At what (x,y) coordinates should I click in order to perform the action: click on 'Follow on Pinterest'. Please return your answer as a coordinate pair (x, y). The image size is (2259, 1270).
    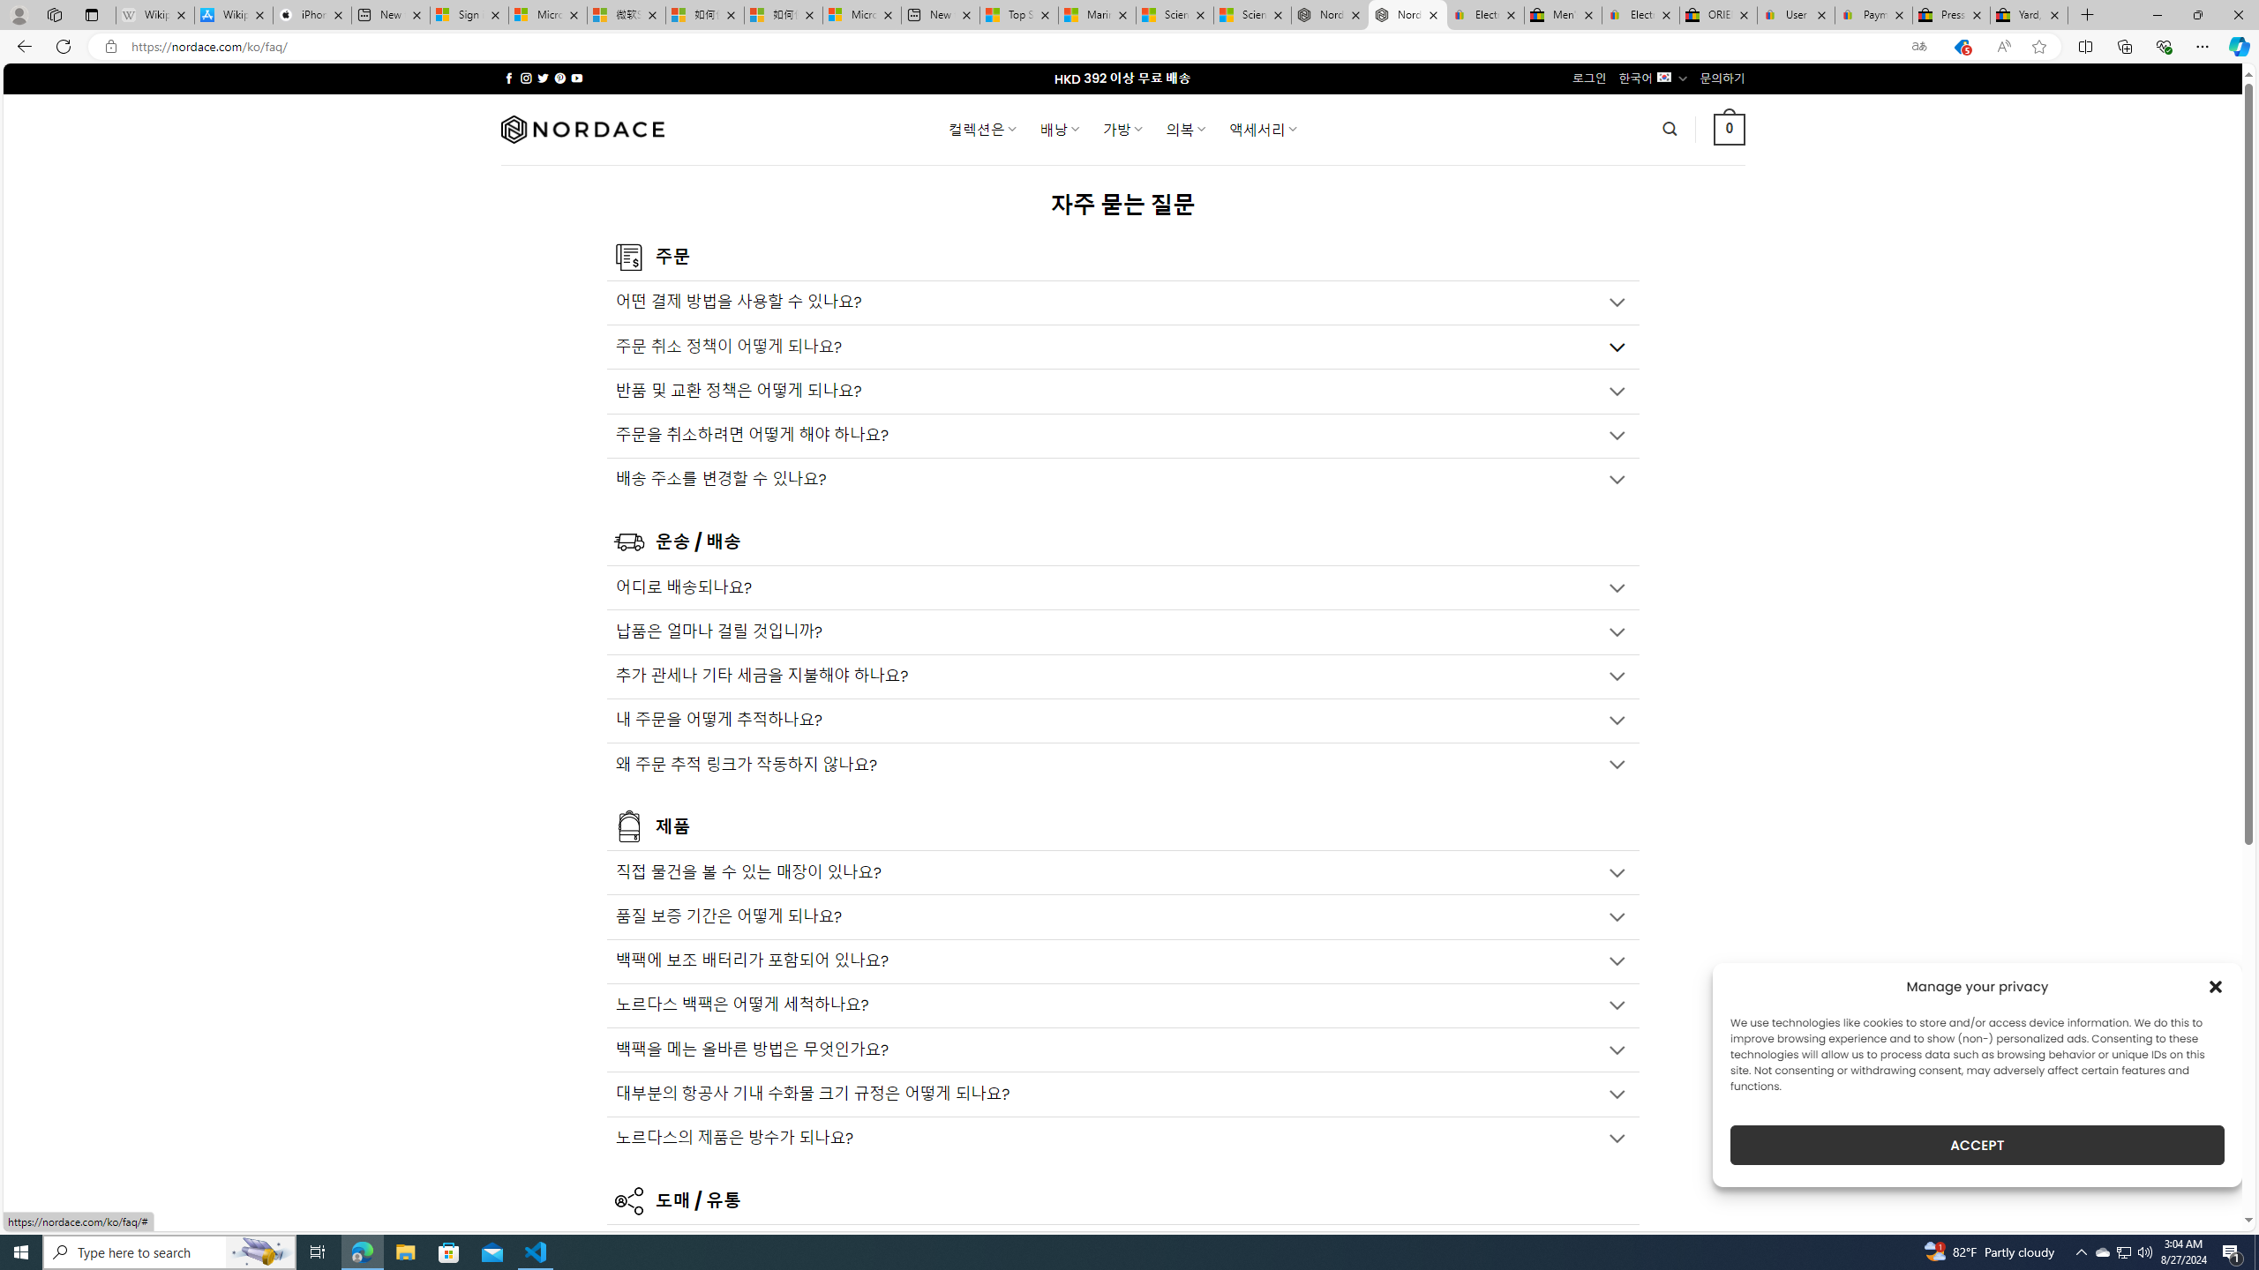
    Looking at the image, I should click on (558, 78).